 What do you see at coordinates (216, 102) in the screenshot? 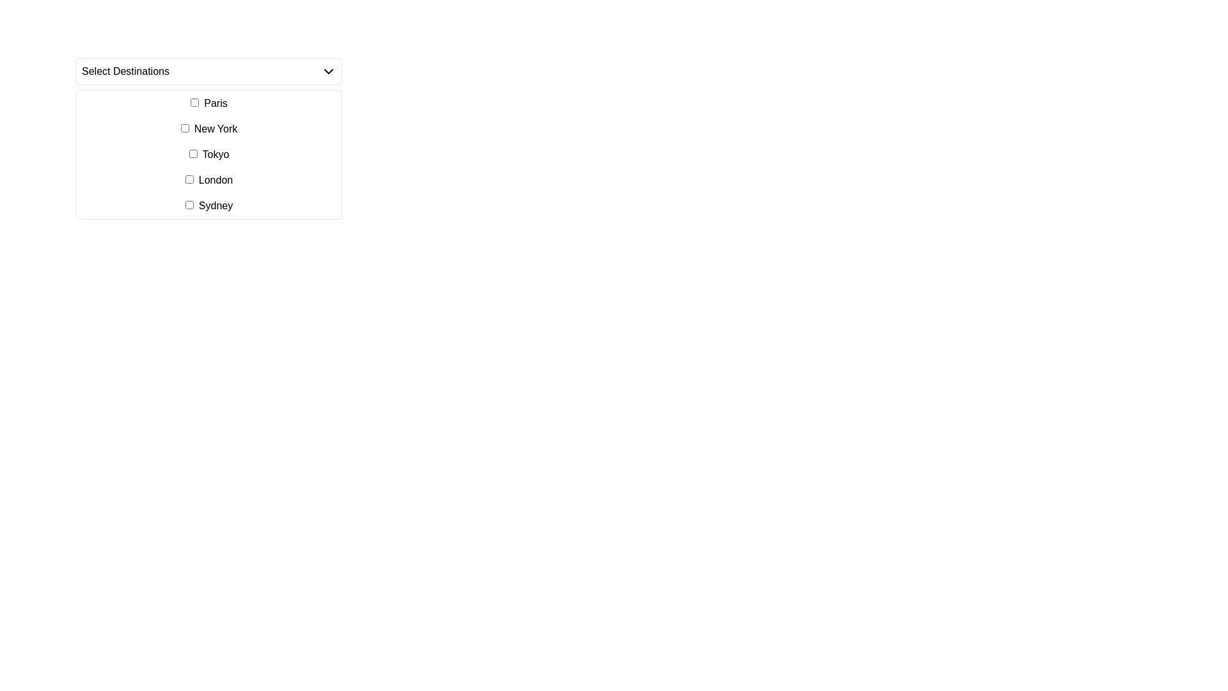
I see `text label 'Paris' located in the dropdown menu under 'Select Destinations', positioned to the right of a checkbox` at bounding box center [216, 102].